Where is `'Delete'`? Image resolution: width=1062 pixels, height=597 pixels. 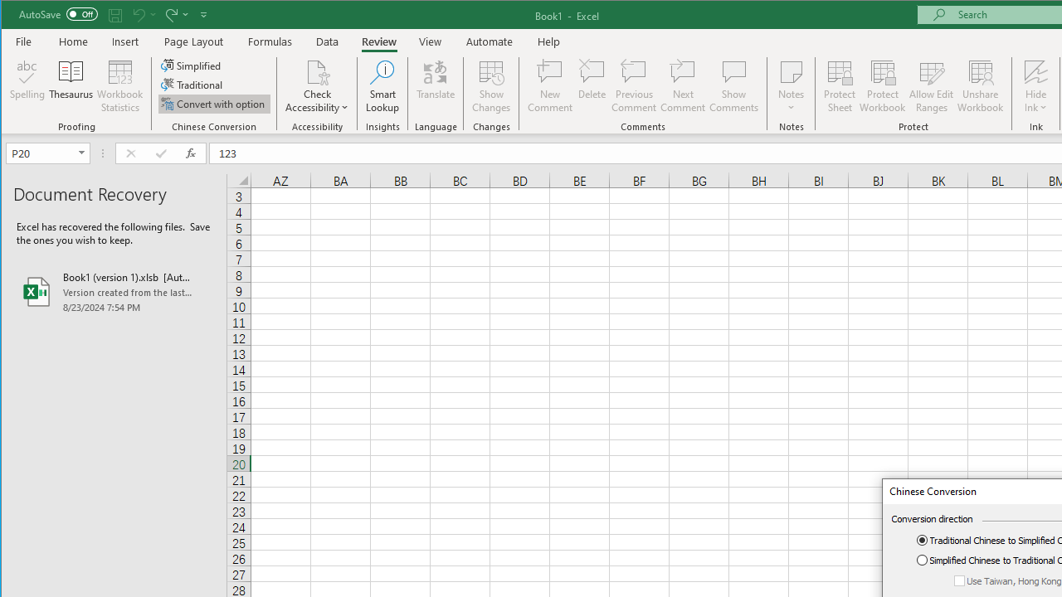
'Delete' is located at coordinates (592, 86).